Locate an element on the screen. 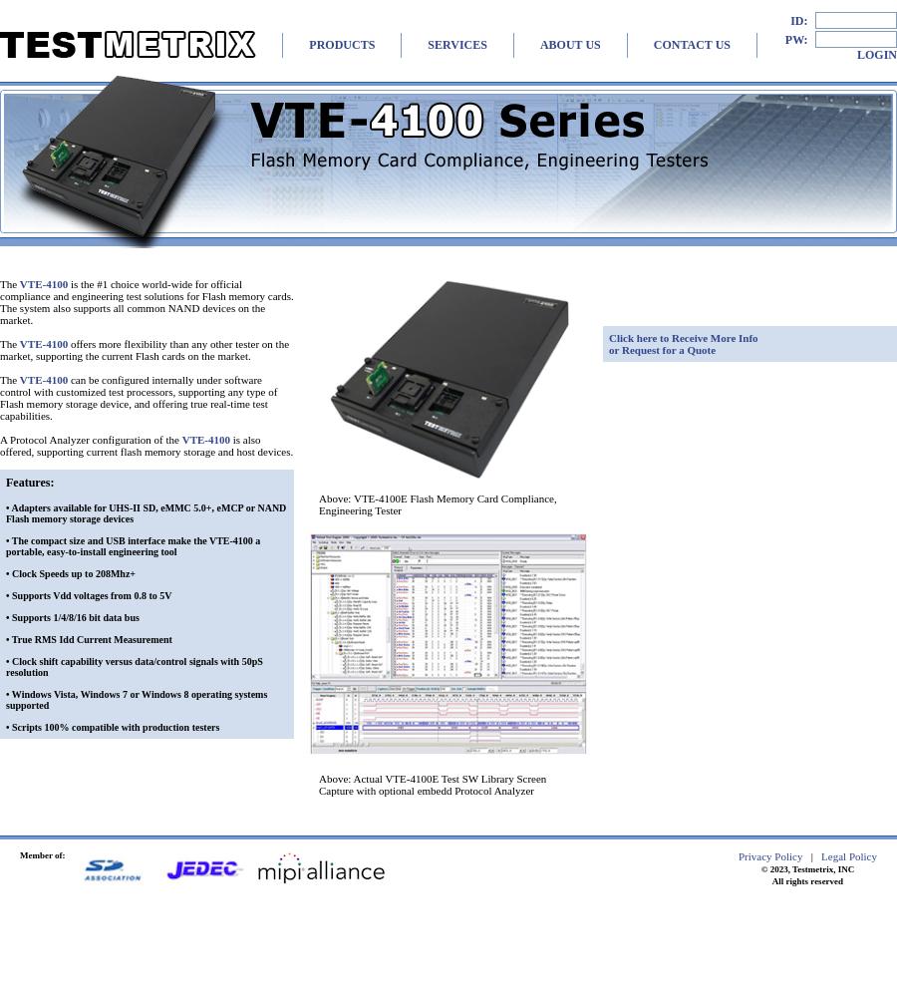  'Above: VTE-4100E Flash Memory Card Compliance, Engineering Tester' is located at coordinates (438, 504).